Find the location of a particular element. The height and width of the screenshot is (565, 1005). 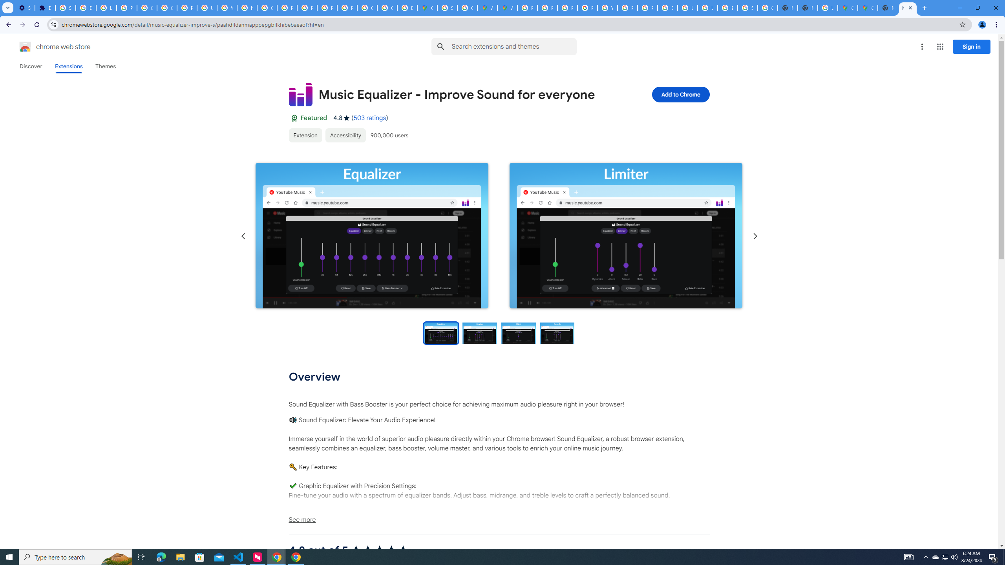

'Featured Badge' is located at coordinates (293, 117).